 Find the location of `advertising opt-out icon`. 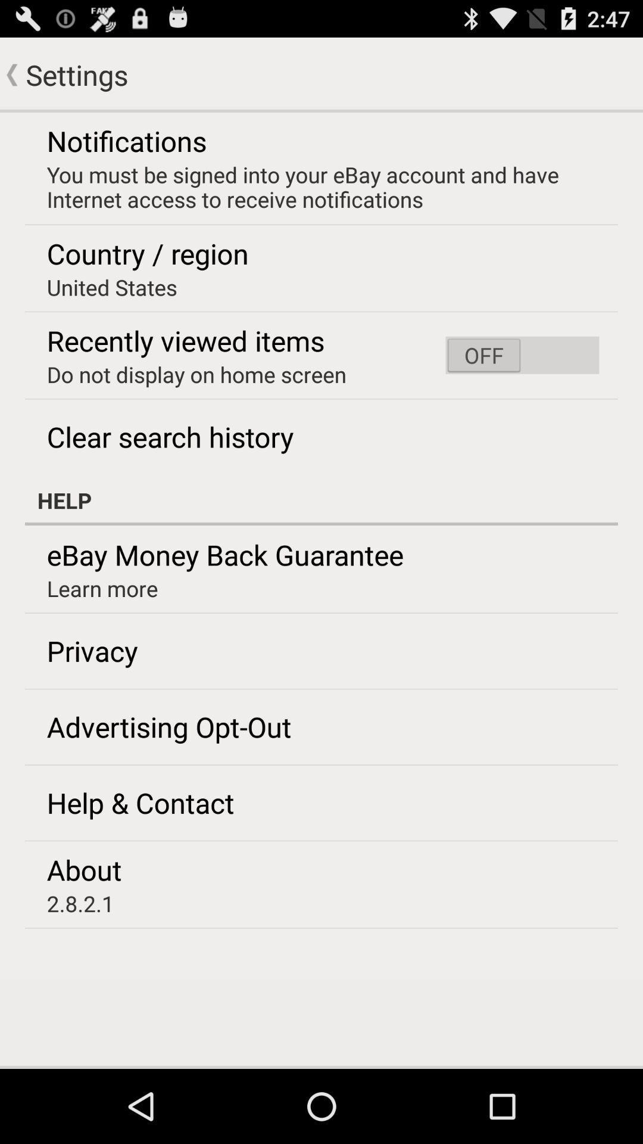

advertising opt-out icon is located at coordinates (169, 726).